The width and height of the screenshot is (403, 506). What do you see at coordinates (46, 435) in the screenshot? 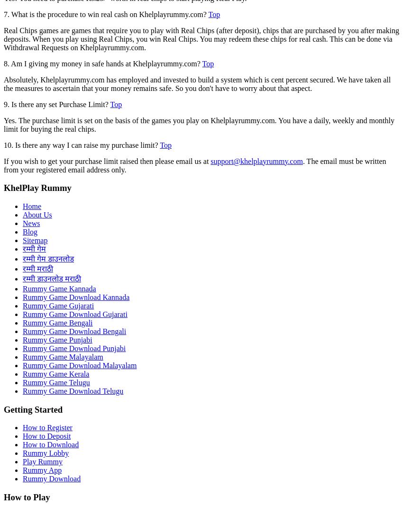
I see `'How to Deposit'` at bounding box center [46, 435].